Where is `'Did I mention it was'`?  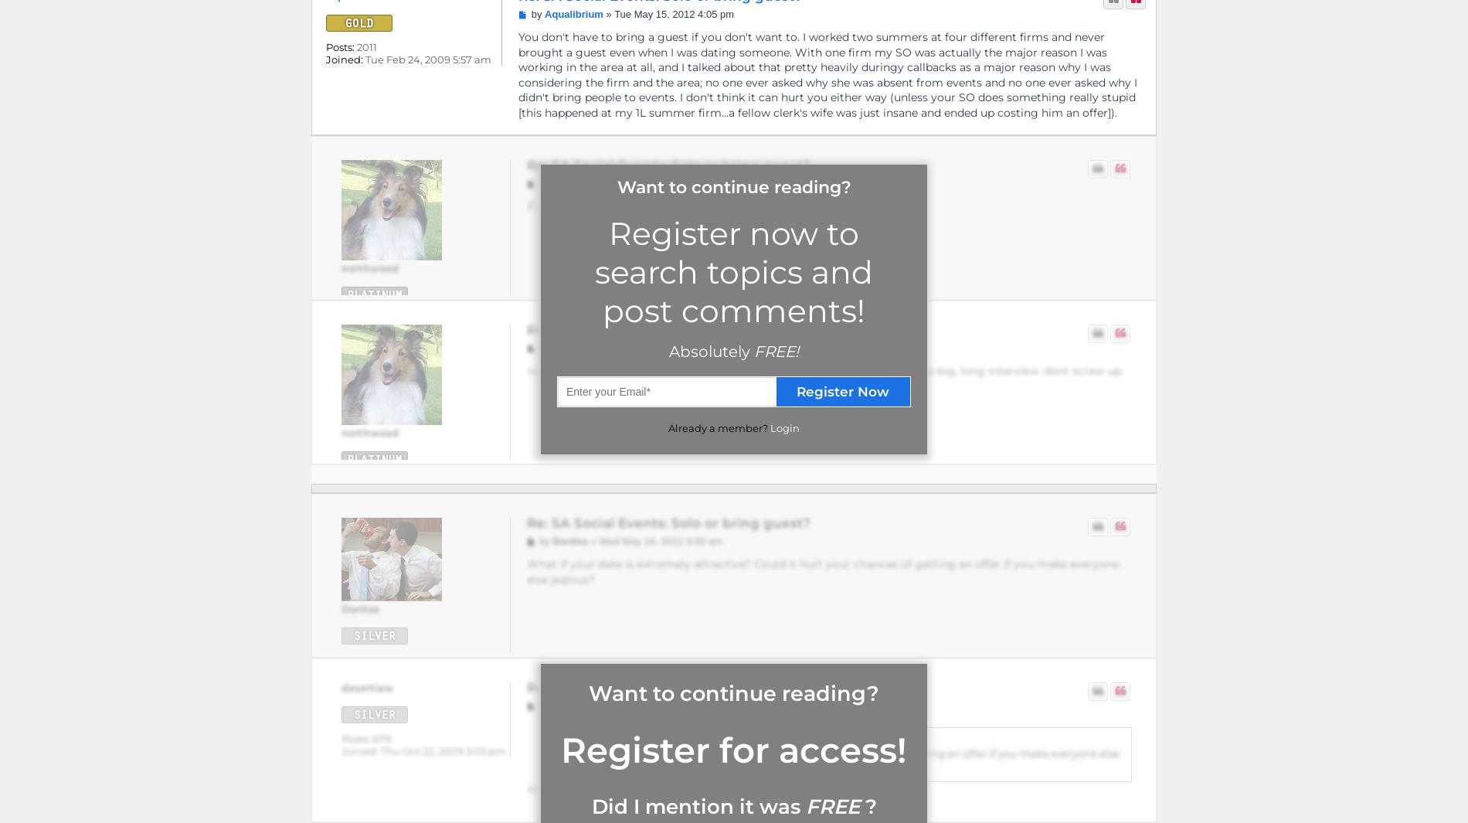 'Did I mention it was' is located at coordinates (697, 807).